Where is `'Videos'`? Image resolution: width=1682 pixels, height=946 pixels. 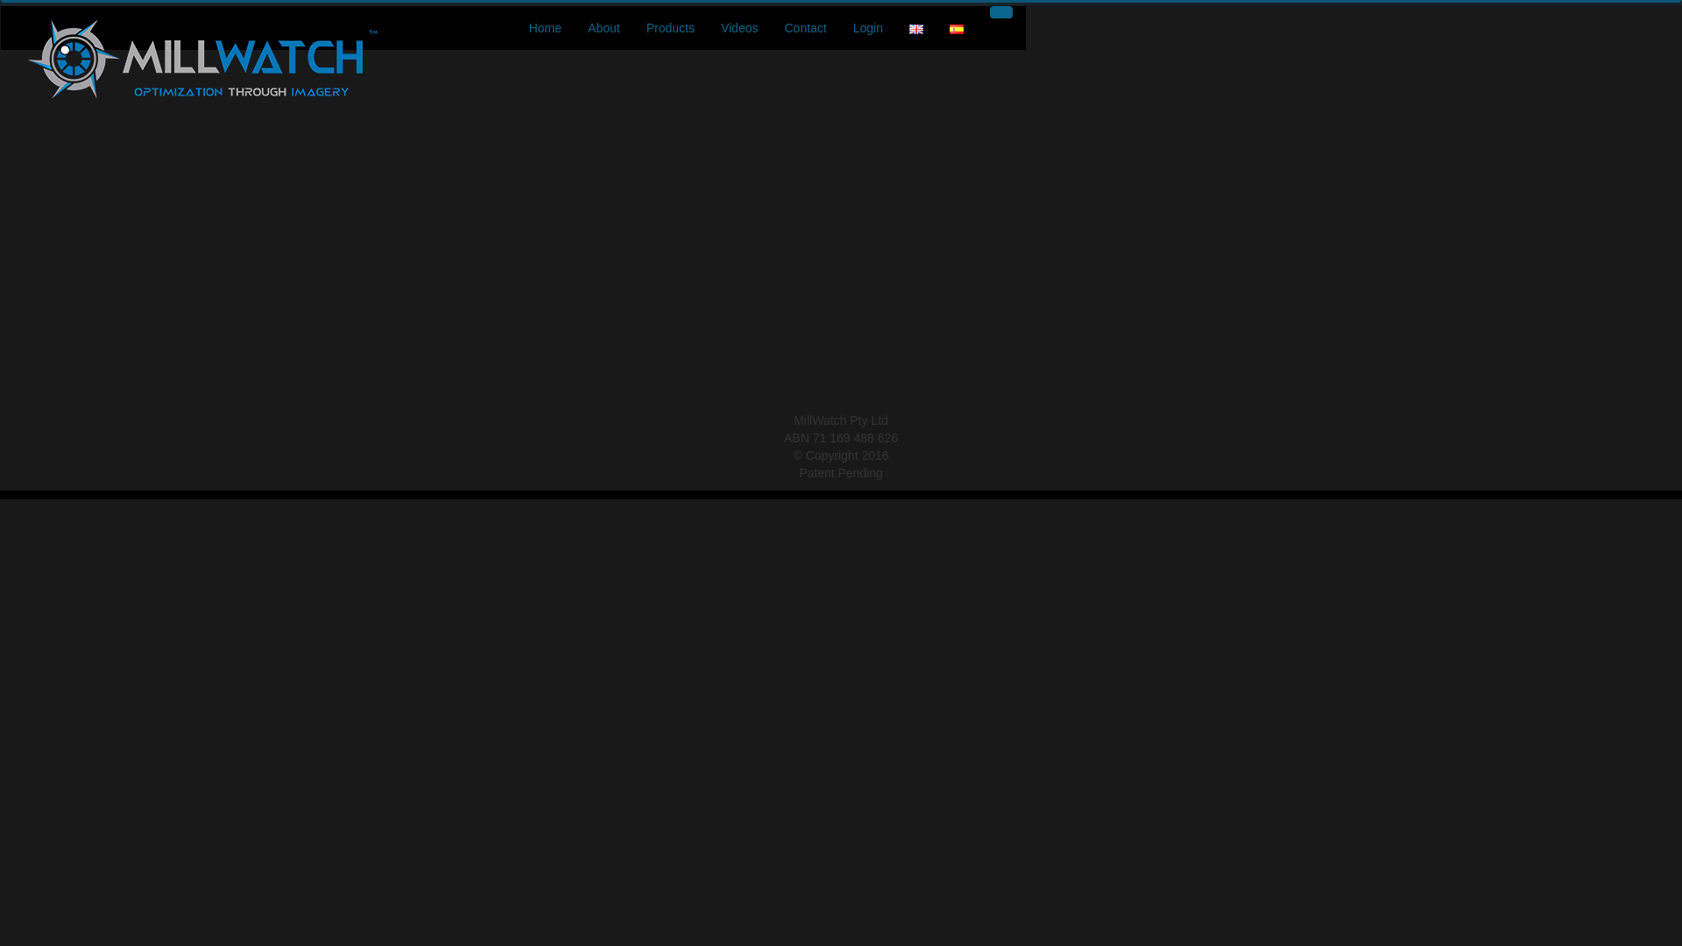 'Videos' is located at coordinates (739, 27).